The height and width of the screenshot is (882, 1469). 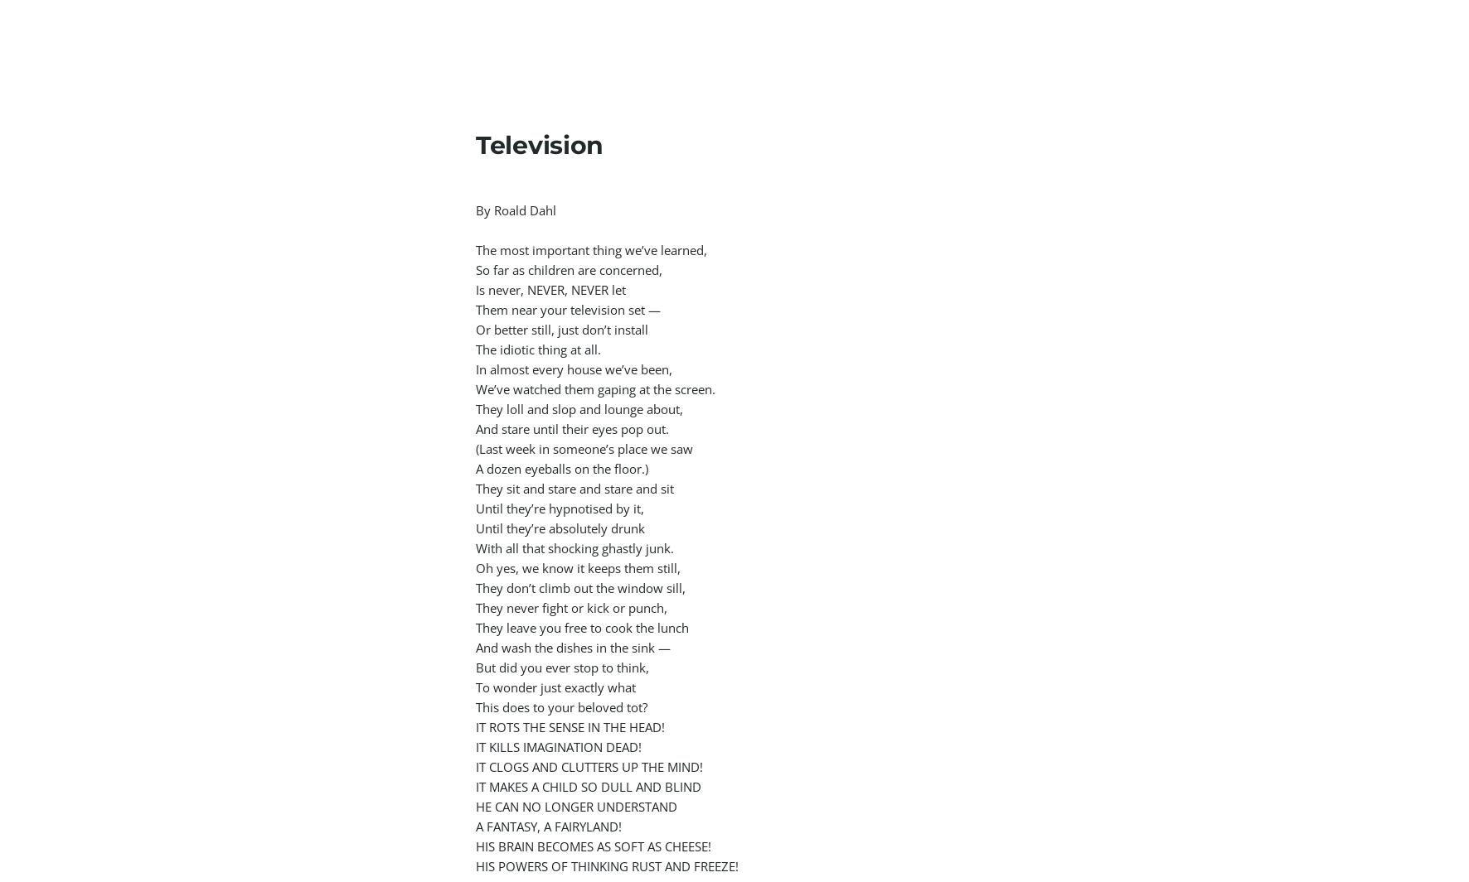 What do you see at coordinates (594, 846) in the screenshot?
I see `'HIS BRAIN BECOMES AS SOFT AS CHEESE!'` at bounding box center [594, 846].